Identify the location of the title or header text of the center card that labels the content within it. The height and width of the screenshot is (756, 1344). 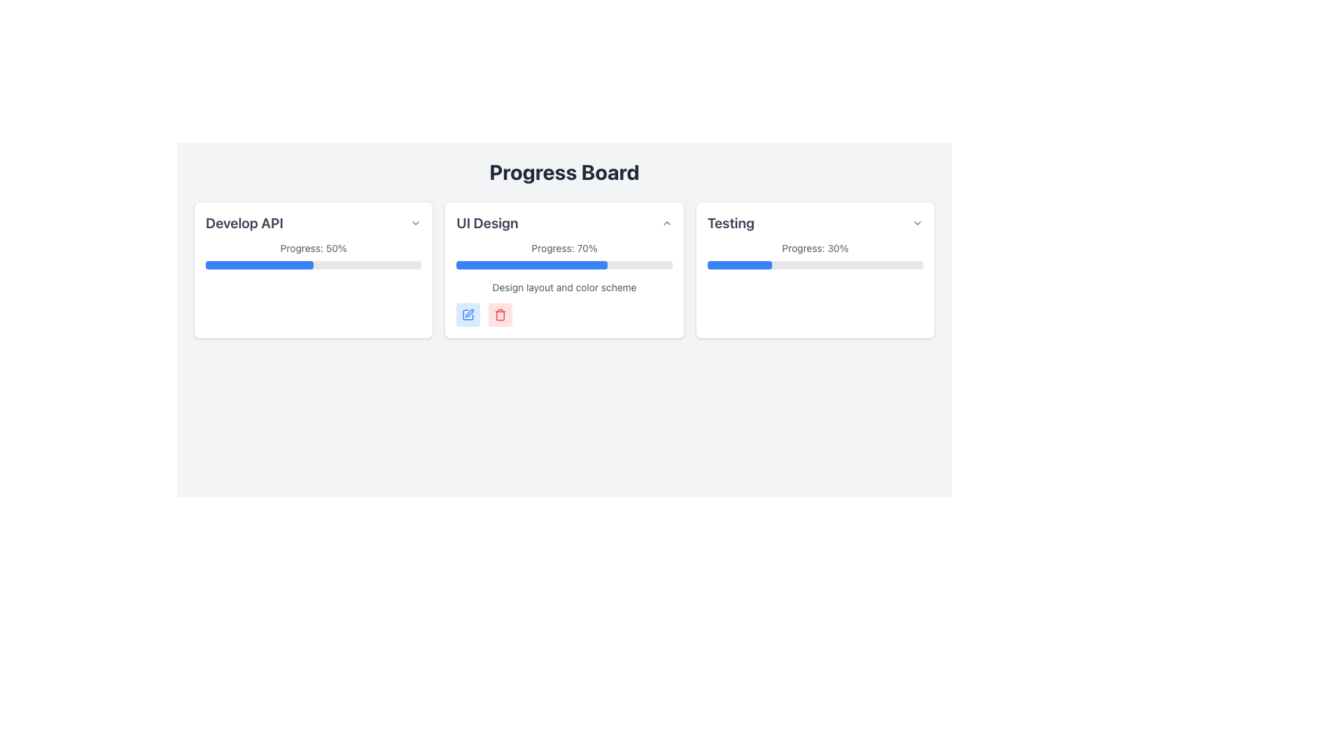
(487, 223).